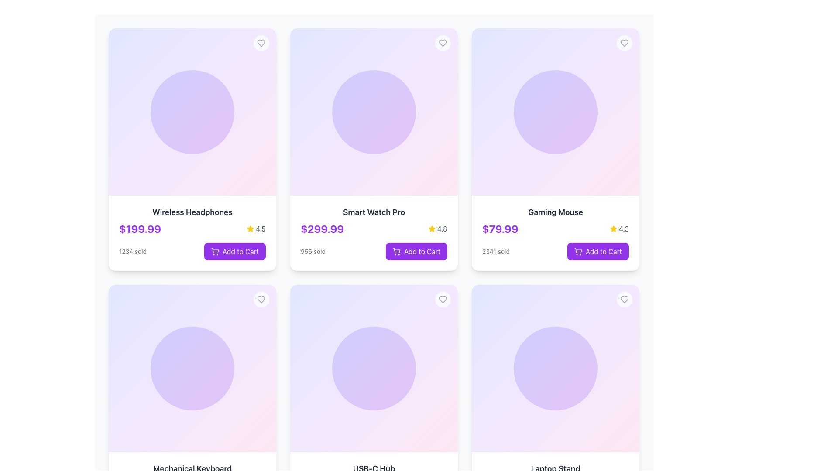 The image size is (838, 471). Describe the element at coordinates (443, 299) in the screenshot. I see `the heart-shaped icon in the top-right corner of the 'Smart Watch Pro' product card to mark it as a favorite` at that location.